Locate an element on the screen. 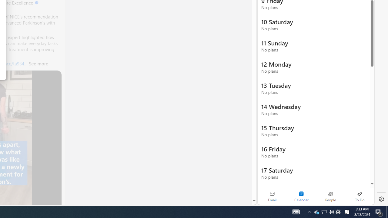 The width and height of the screenshot is (388, 218). 'Email' is located at coordinates (272, 196).